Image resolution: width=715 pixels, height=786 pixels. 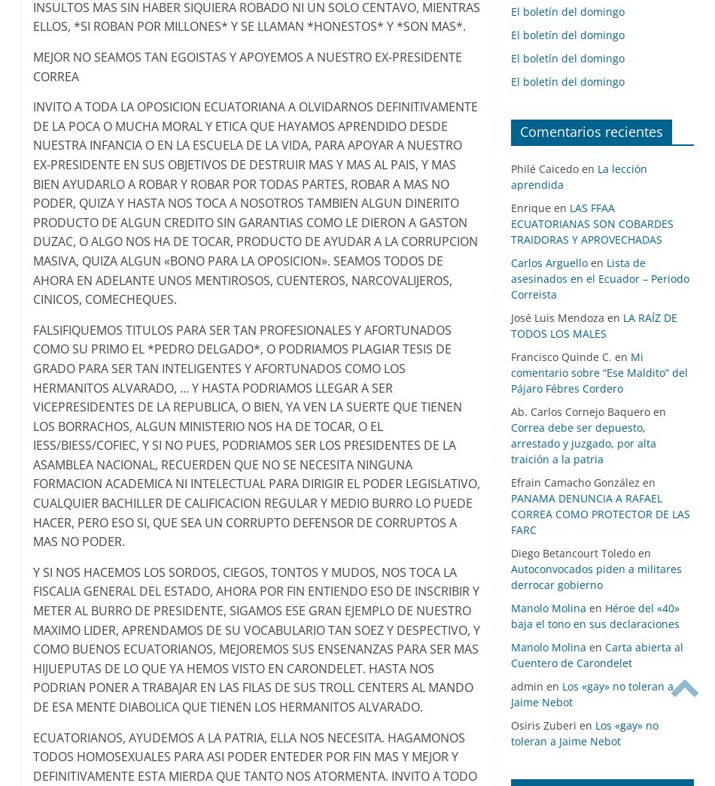 I want to click on 'Comentarios recientes', so click(x=589, y=129).